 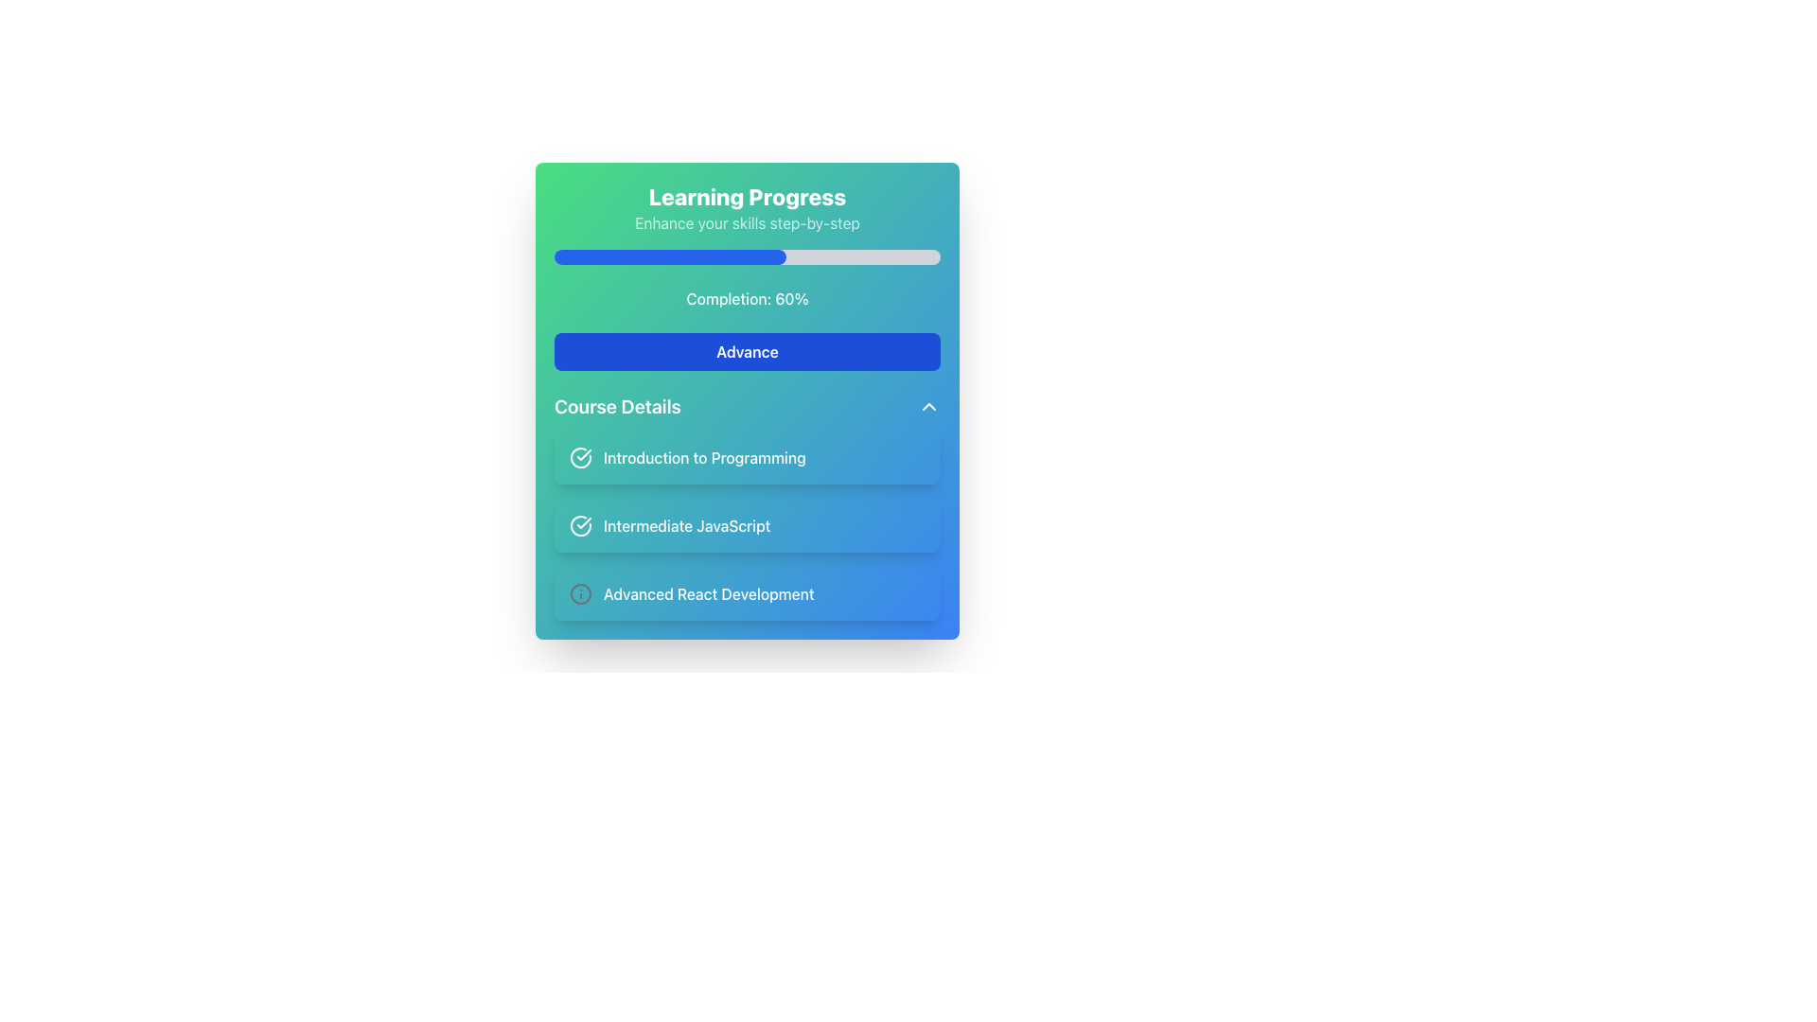 I want to click on the blue progress bar segment indicating 60% progress located under the 'Learning Progress' heading, so click(x=670, y=257).